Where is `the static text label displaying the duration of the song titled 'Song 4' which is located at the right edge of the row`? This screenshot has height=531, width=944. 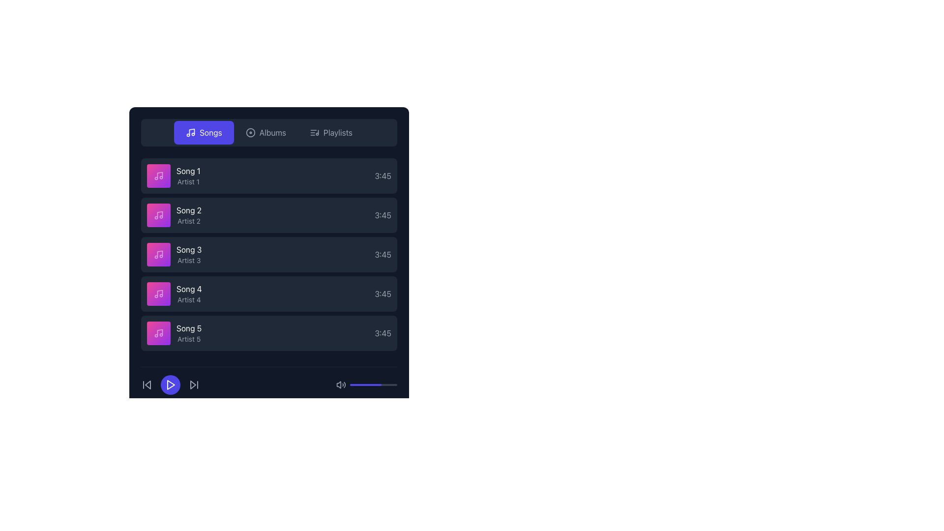 the static text label displaying the duration of the song titled 'Song 4' which is located at the right edge of the row is located at coordinates (383, 293).